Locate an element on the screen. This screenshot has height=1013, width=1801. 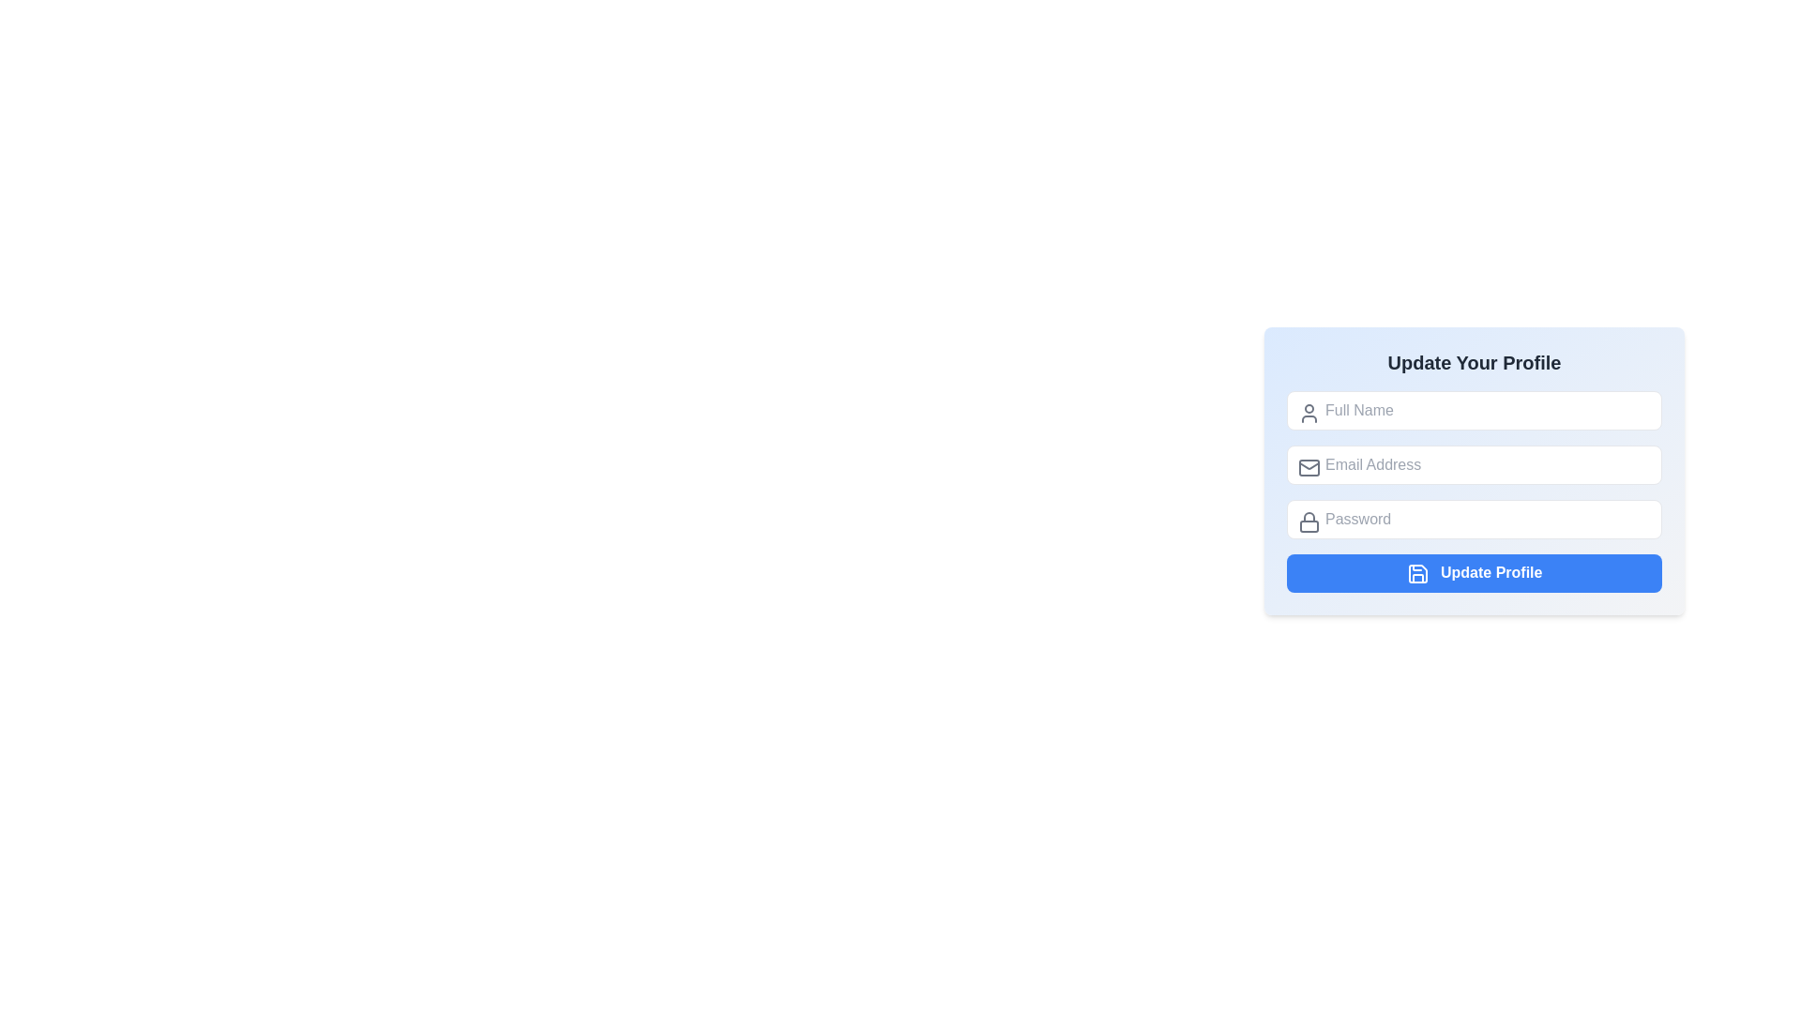
the decorative email icon located on the left side of the 'Email Address' input field, which is positioned in the second row of the form is located at coordinates (1309, 466).